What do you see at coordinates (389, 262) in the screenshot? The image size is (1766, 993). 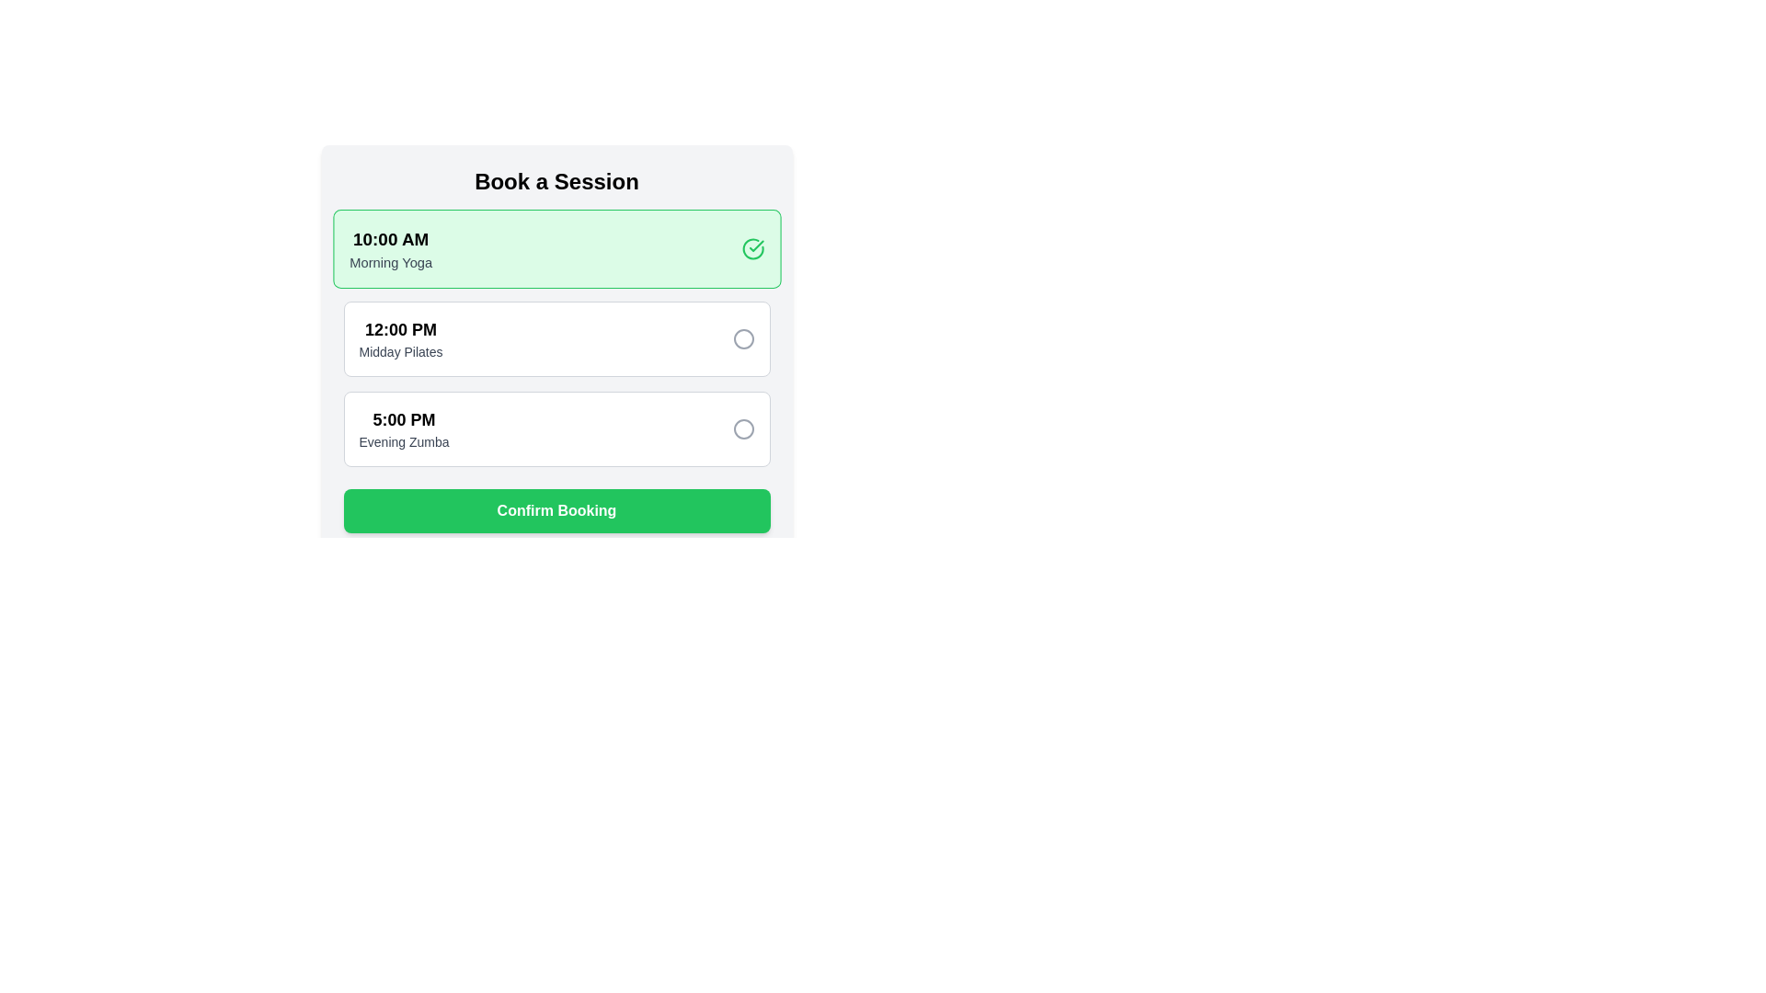 I see `'Morning Yoga' text label, which is styled with a smaller font size and gray color, located directly below the '10:00 AM' text in the selection card` at bounding box center [389, 262].